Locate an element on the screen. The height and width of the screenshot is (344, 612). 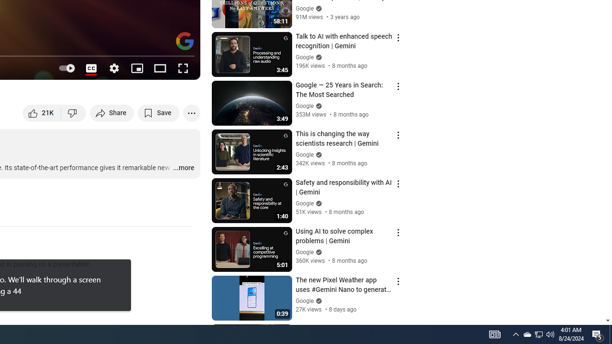
'like this video along with 21,118 other people' is located at coordinates (42, 112).